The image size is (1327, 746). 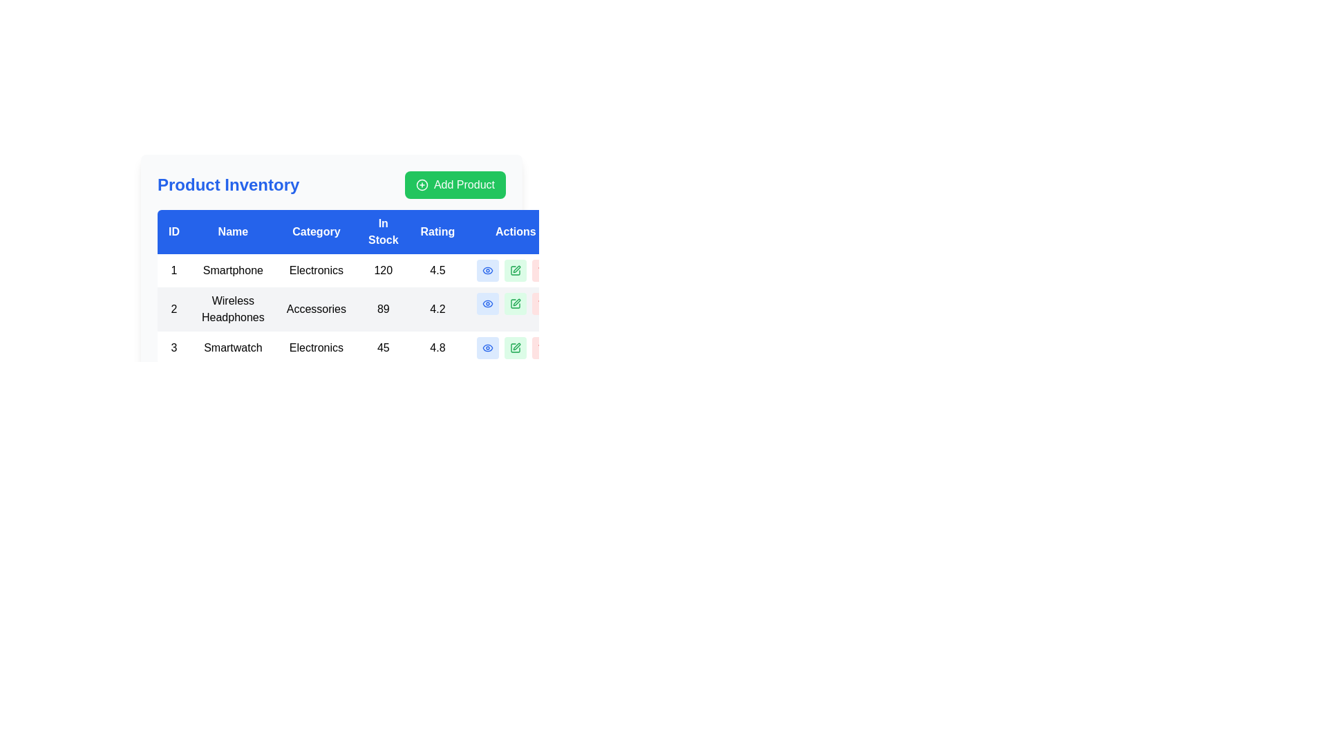 What do you see at coordinates (383, 308) in the screenshot?
I see `the table cell displaying the number '89' in bold font` at bounding box center [383, 308].